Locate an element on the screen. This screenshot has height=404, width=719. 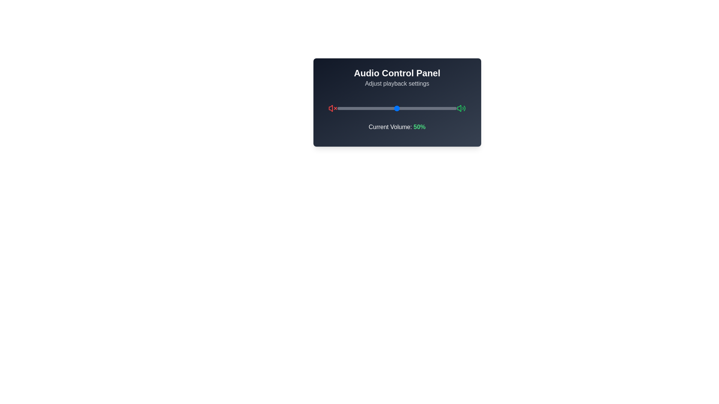
the volume slider to set the volume to 71% is located at coordinates (422, 108).